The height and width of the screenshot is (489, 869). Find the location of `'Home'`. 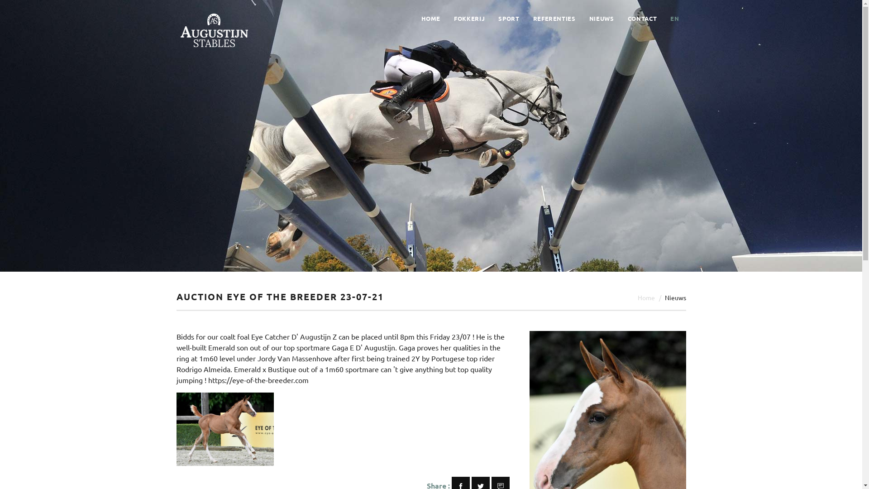

'Home' is located at coordinates (636, 297).